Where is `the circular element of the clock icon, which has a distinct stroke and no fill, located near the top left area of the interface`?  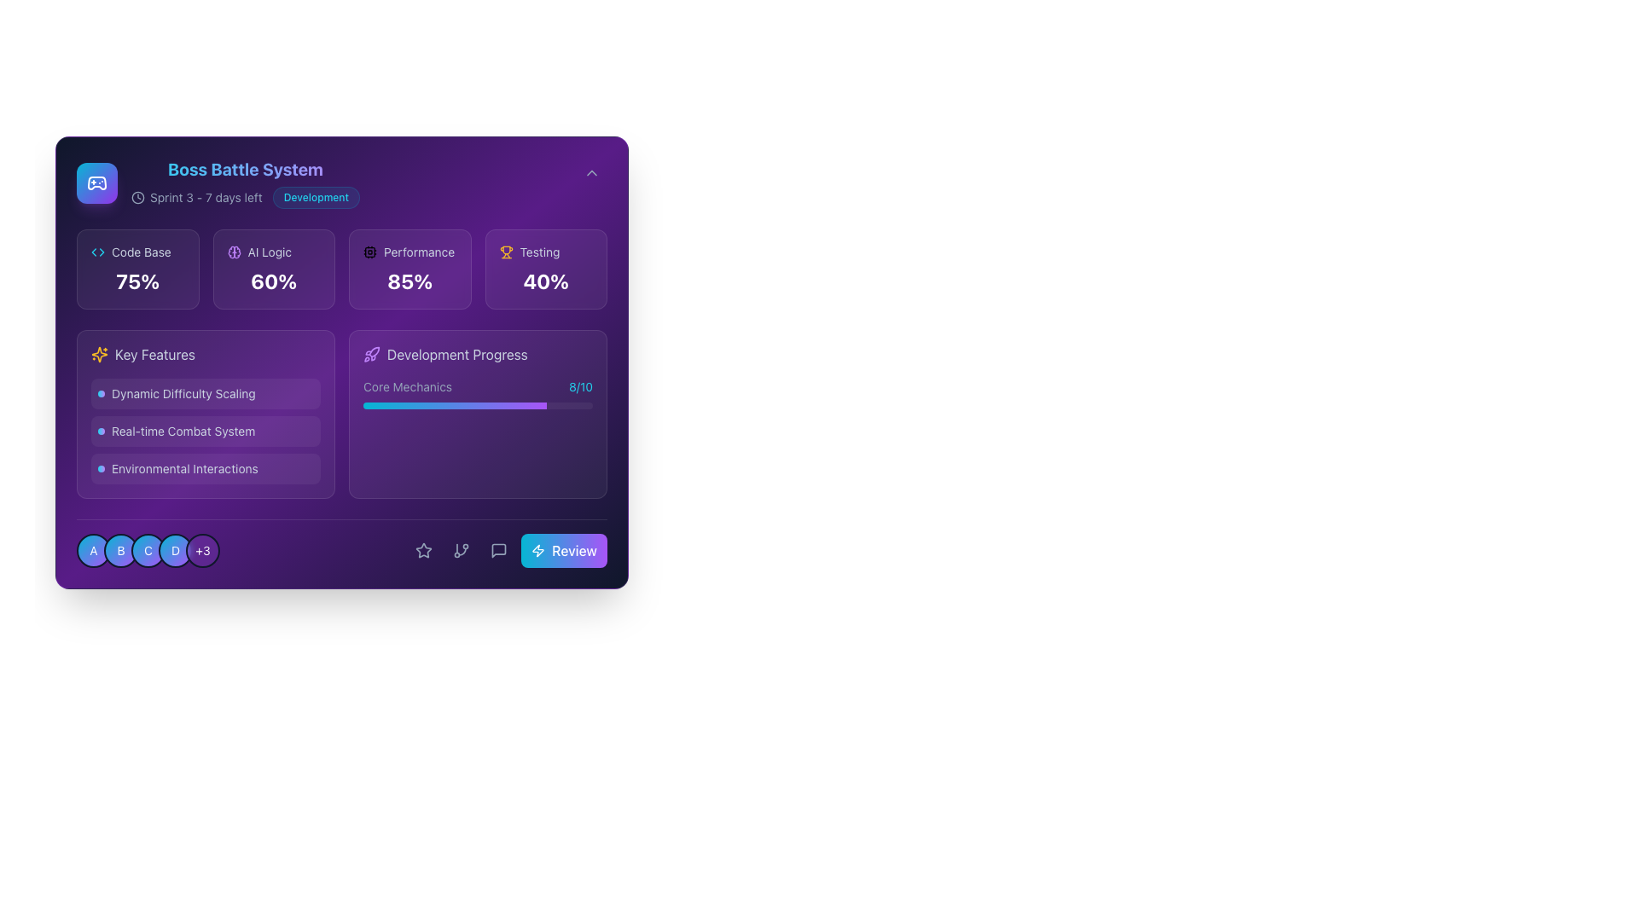 the circular element of the clock icon, which has a distinct stroke and no fill, located near the top left area of the interface is located at coordinates (138, 196).